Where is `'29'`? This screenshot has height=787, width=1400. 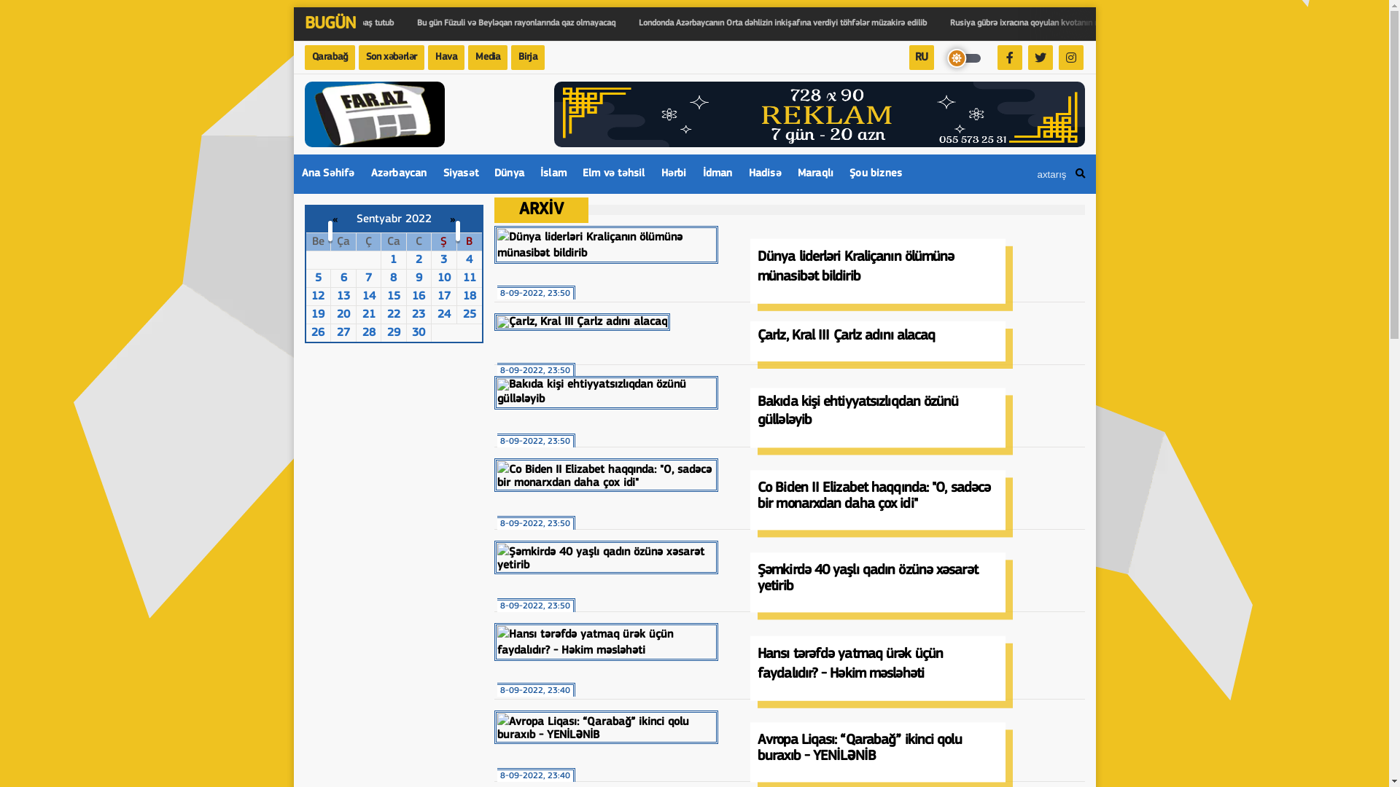
'29' is located at coordinates (393, 332).